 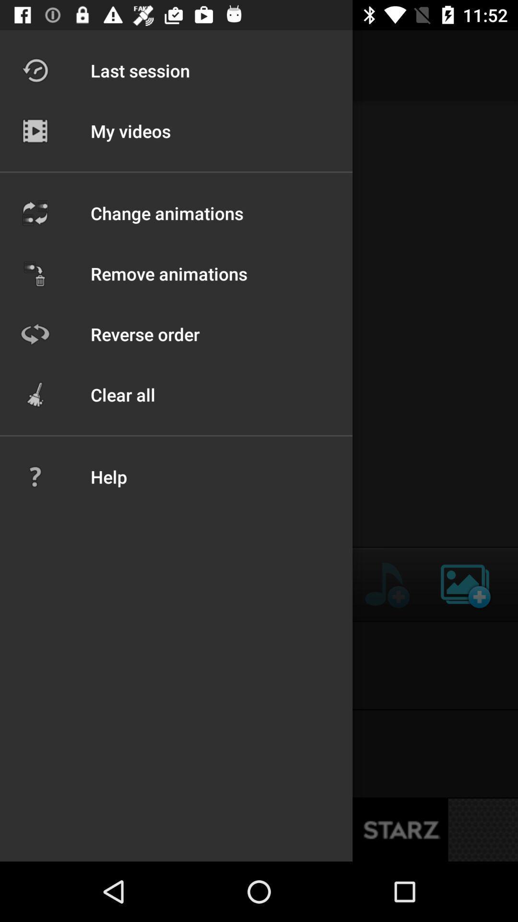 What do you see at coordinates (464, 583) in the screenshot?
I see `the wallpaper icon` at bounding box center [464, 583].